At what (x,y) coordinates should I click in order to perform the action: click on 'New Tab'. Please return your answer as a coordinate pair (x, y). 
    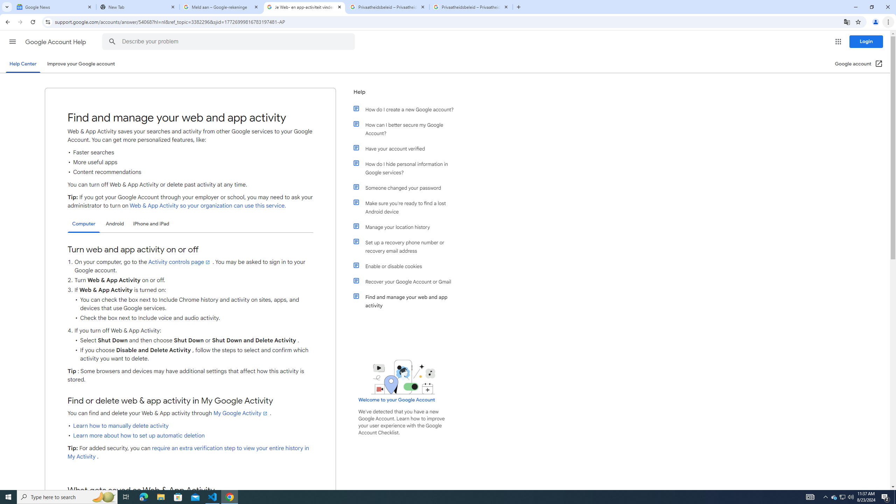
    Looking at the image, I should click on (138, 7).